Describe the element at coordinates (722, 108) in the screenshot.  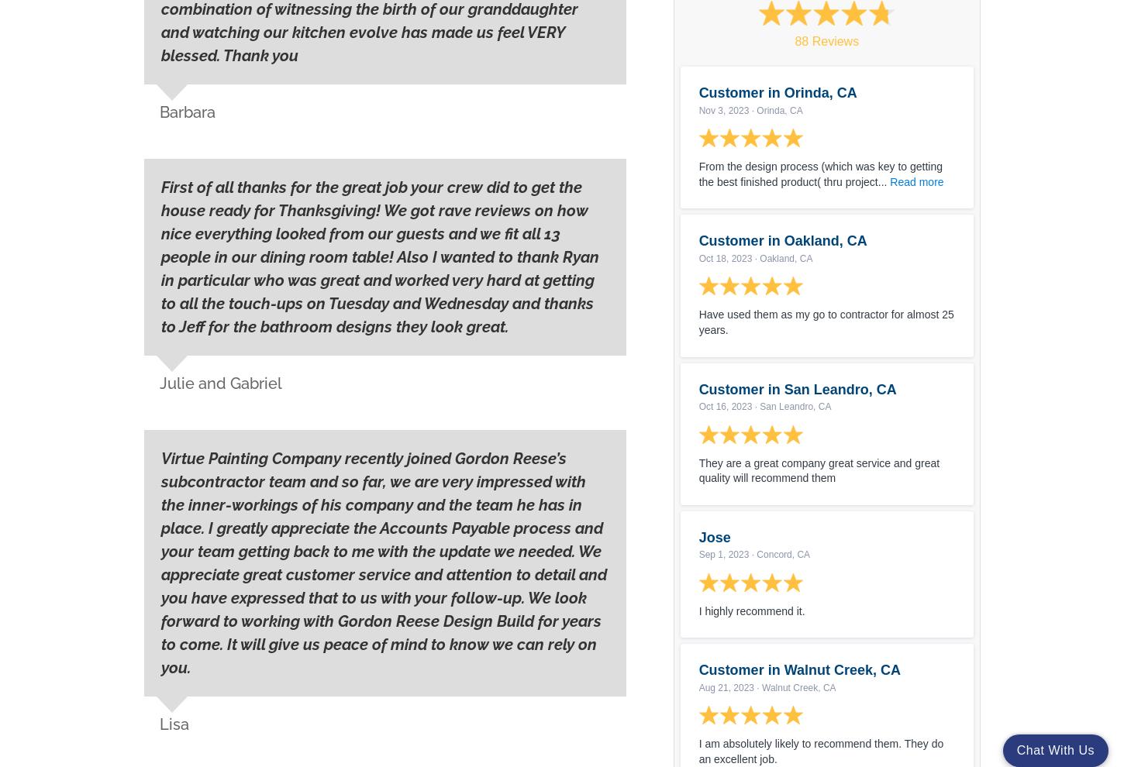
I see `'Nov 3, 2023'` at that location.